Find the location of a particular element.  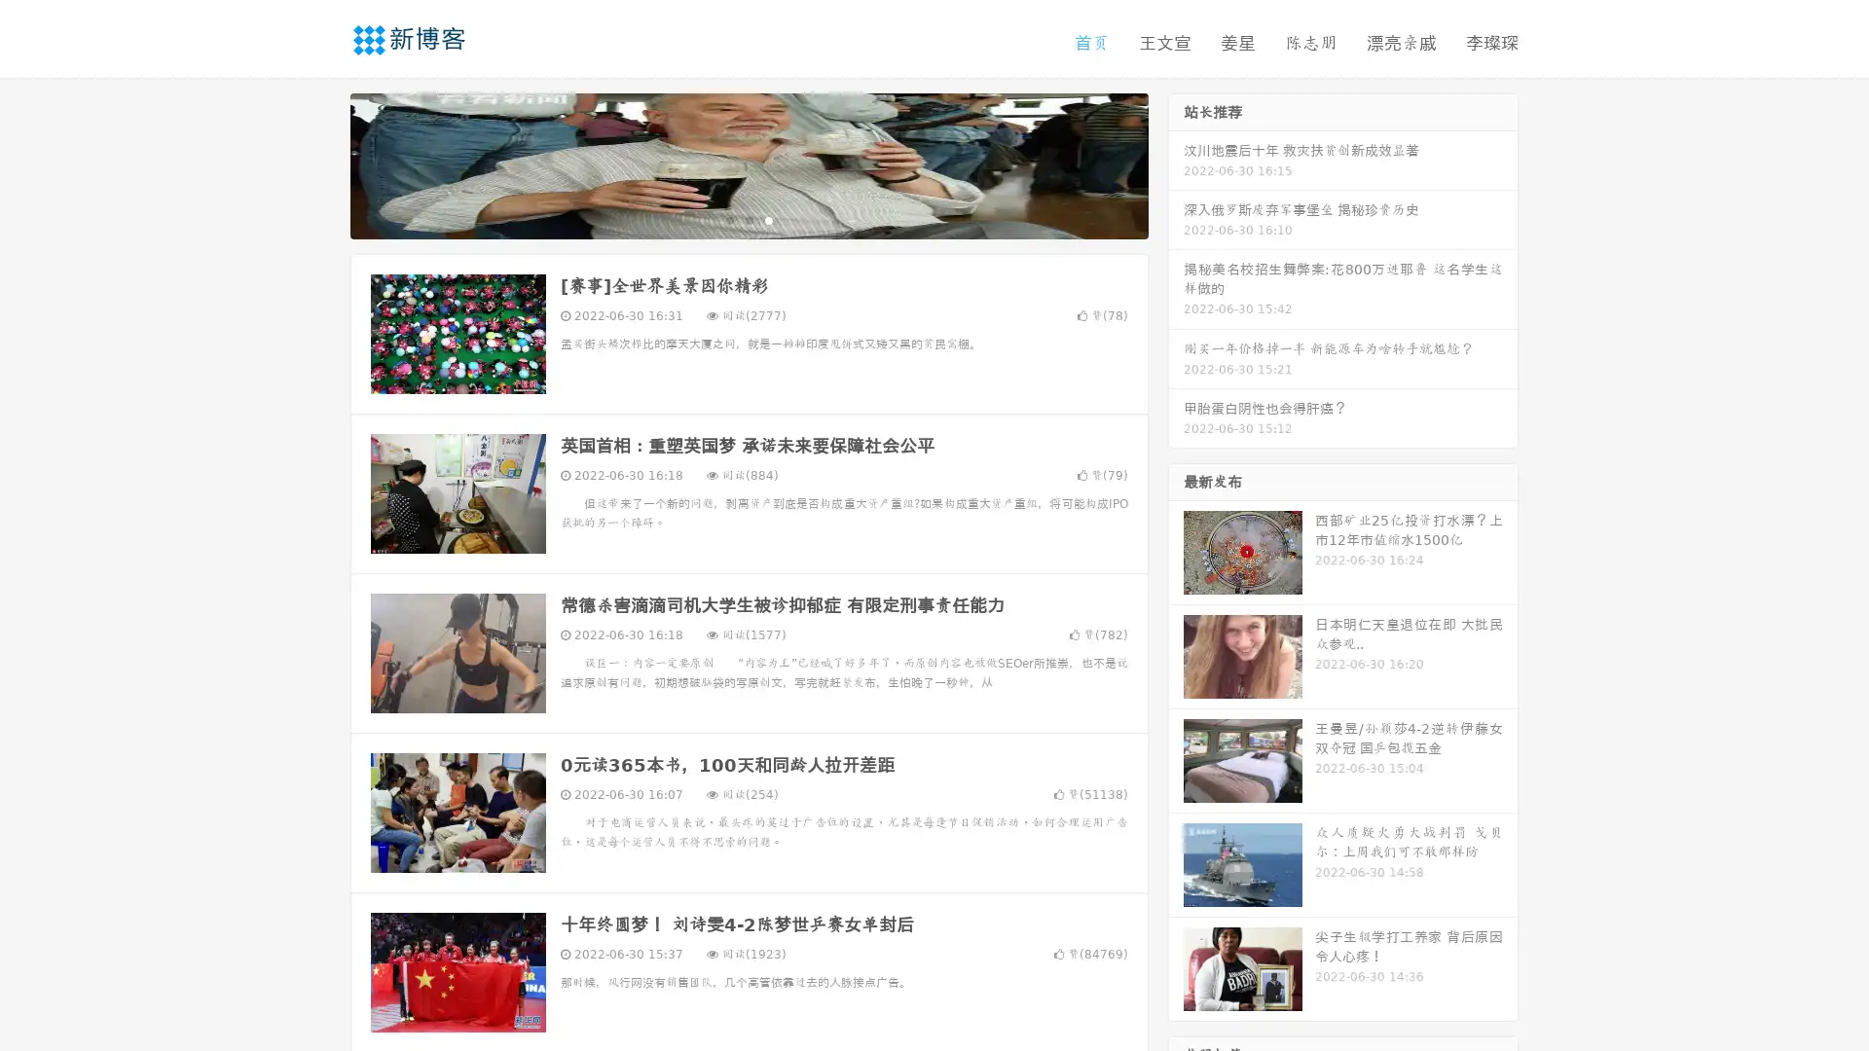

Next slide is located at coordinates (1176, 163).